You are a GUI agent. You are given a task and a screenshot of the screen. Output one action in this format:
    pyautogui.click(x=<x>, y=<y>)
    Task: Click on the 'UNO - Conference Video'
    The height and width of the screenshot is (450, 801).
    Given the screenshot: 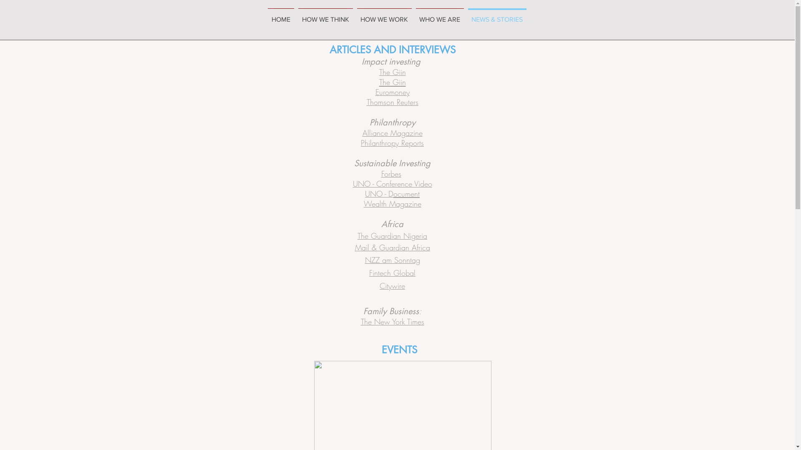 What is the action you would take?
    pyautogui.click(x=353, y=183)
    